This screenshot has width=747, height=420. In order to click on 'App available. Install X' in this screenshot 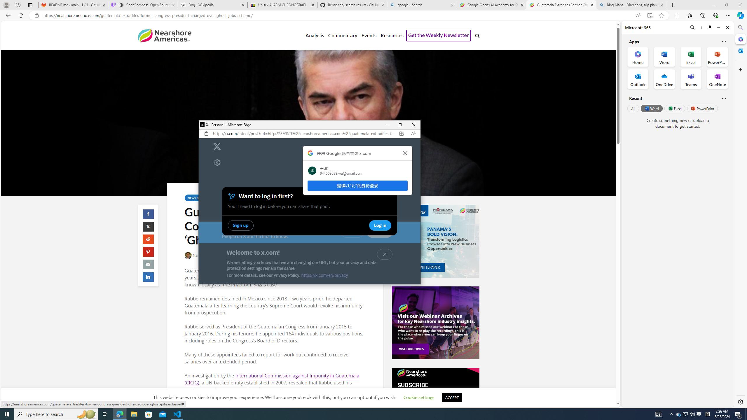, I will do `click(401, 133)`.